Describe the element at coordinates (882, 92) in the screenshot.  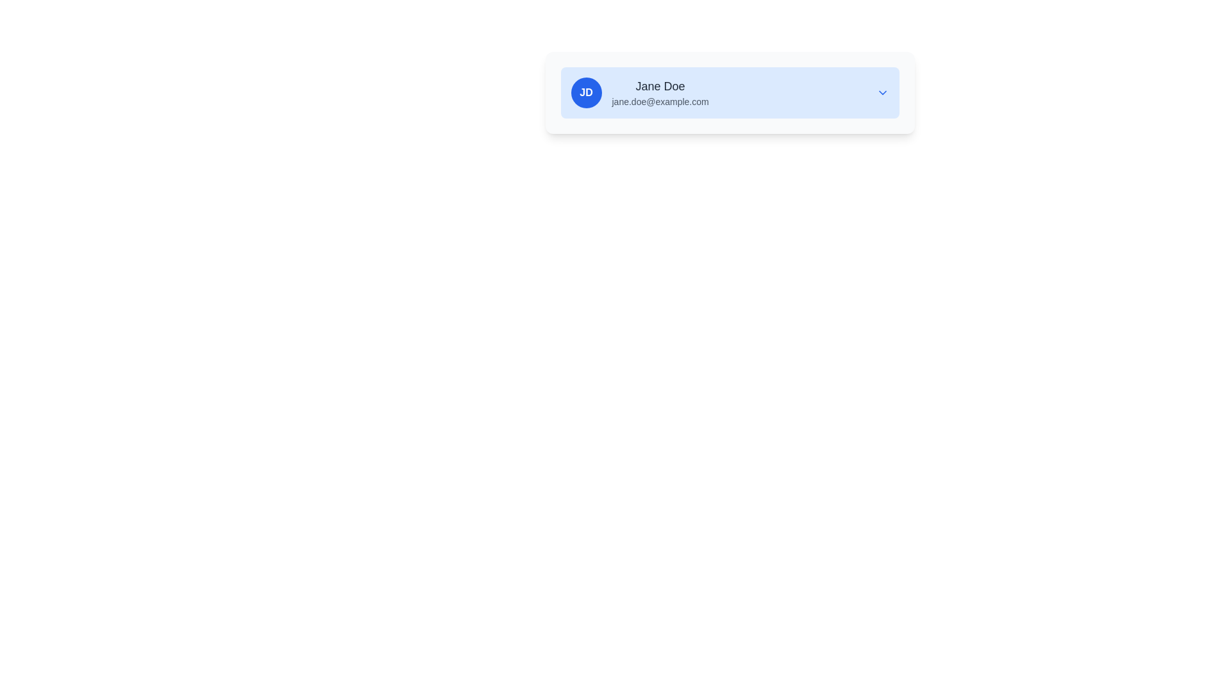
I see `the chevron icon at the far-right end of the card containing 'Jane Doe' and 'jane.doe@example.com'` at that location.